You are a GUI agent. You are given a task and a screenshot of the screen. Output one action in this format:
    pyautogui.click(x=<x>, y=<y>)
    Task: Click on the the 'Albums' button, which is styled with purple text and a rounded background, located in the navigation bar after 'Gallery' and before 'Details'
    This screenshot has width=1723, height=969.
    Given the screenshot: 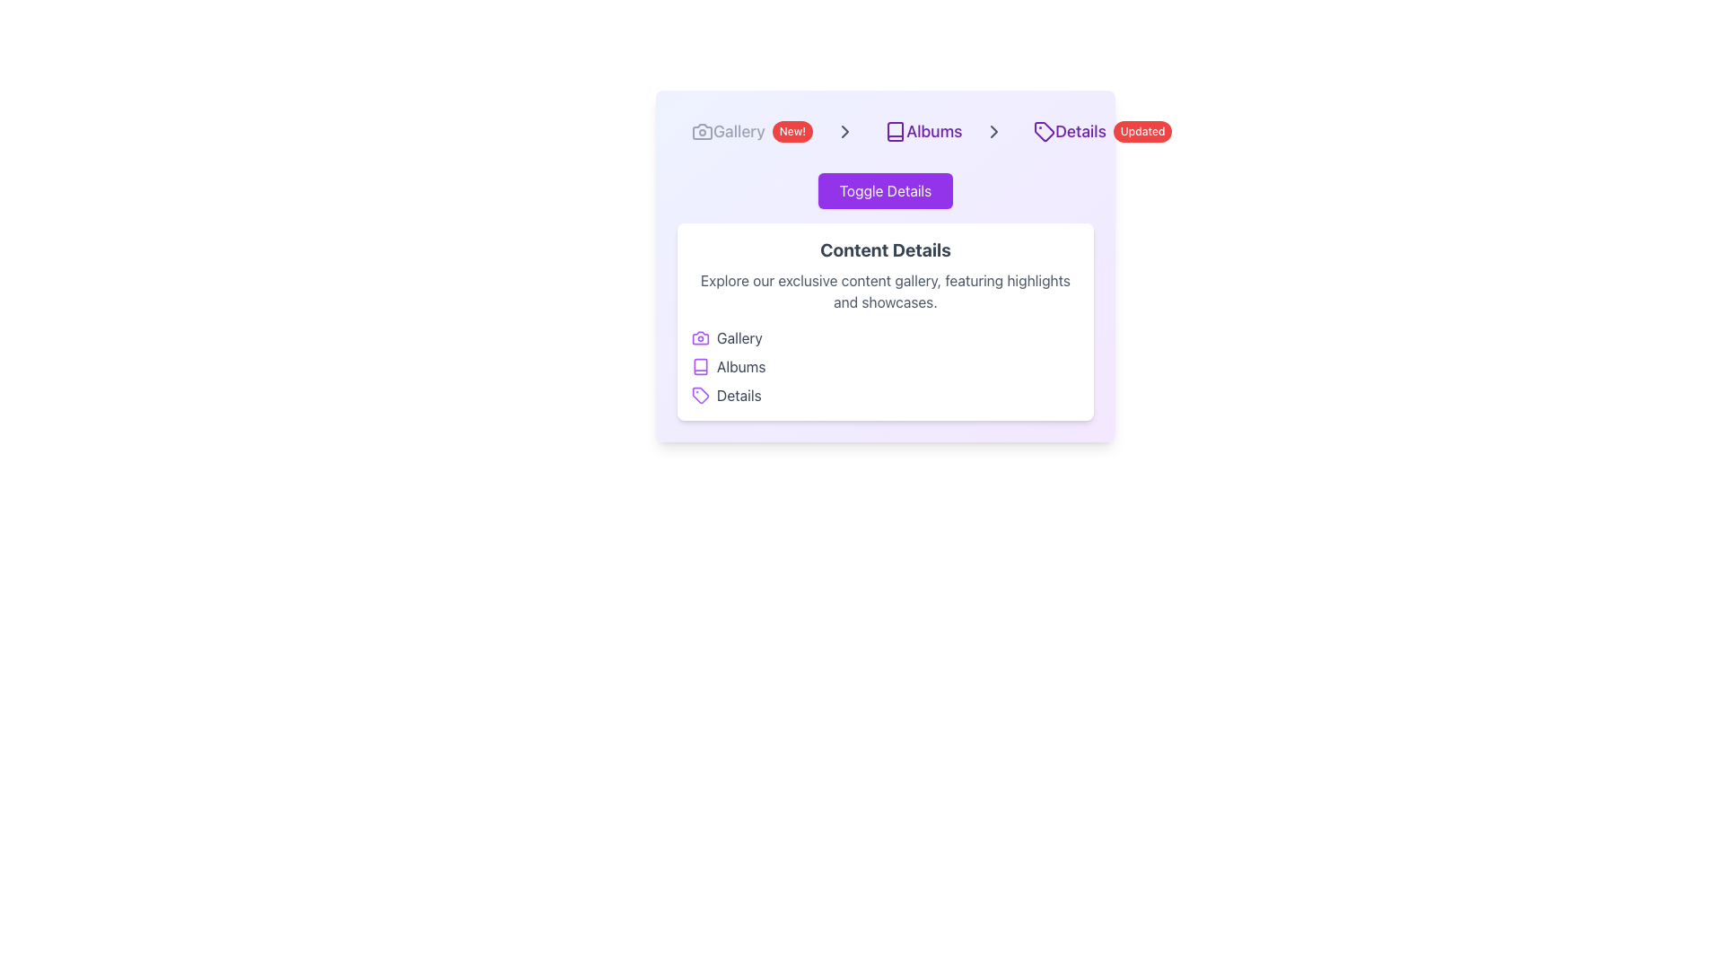 What is the action you would take?
    pyautogui.click(x=923, y=130)
    